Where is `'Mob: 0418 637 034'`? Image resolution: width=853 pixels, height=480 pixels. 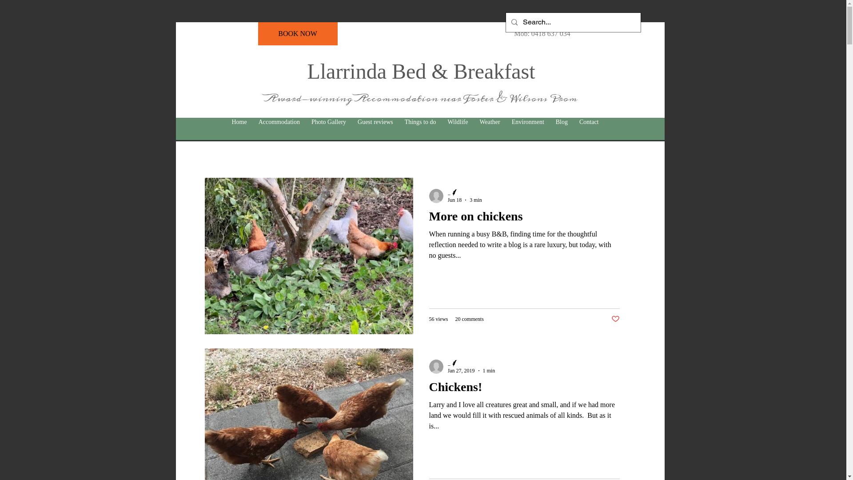 'Mob: 0418 637 034' is located at coordinates (542, 33).